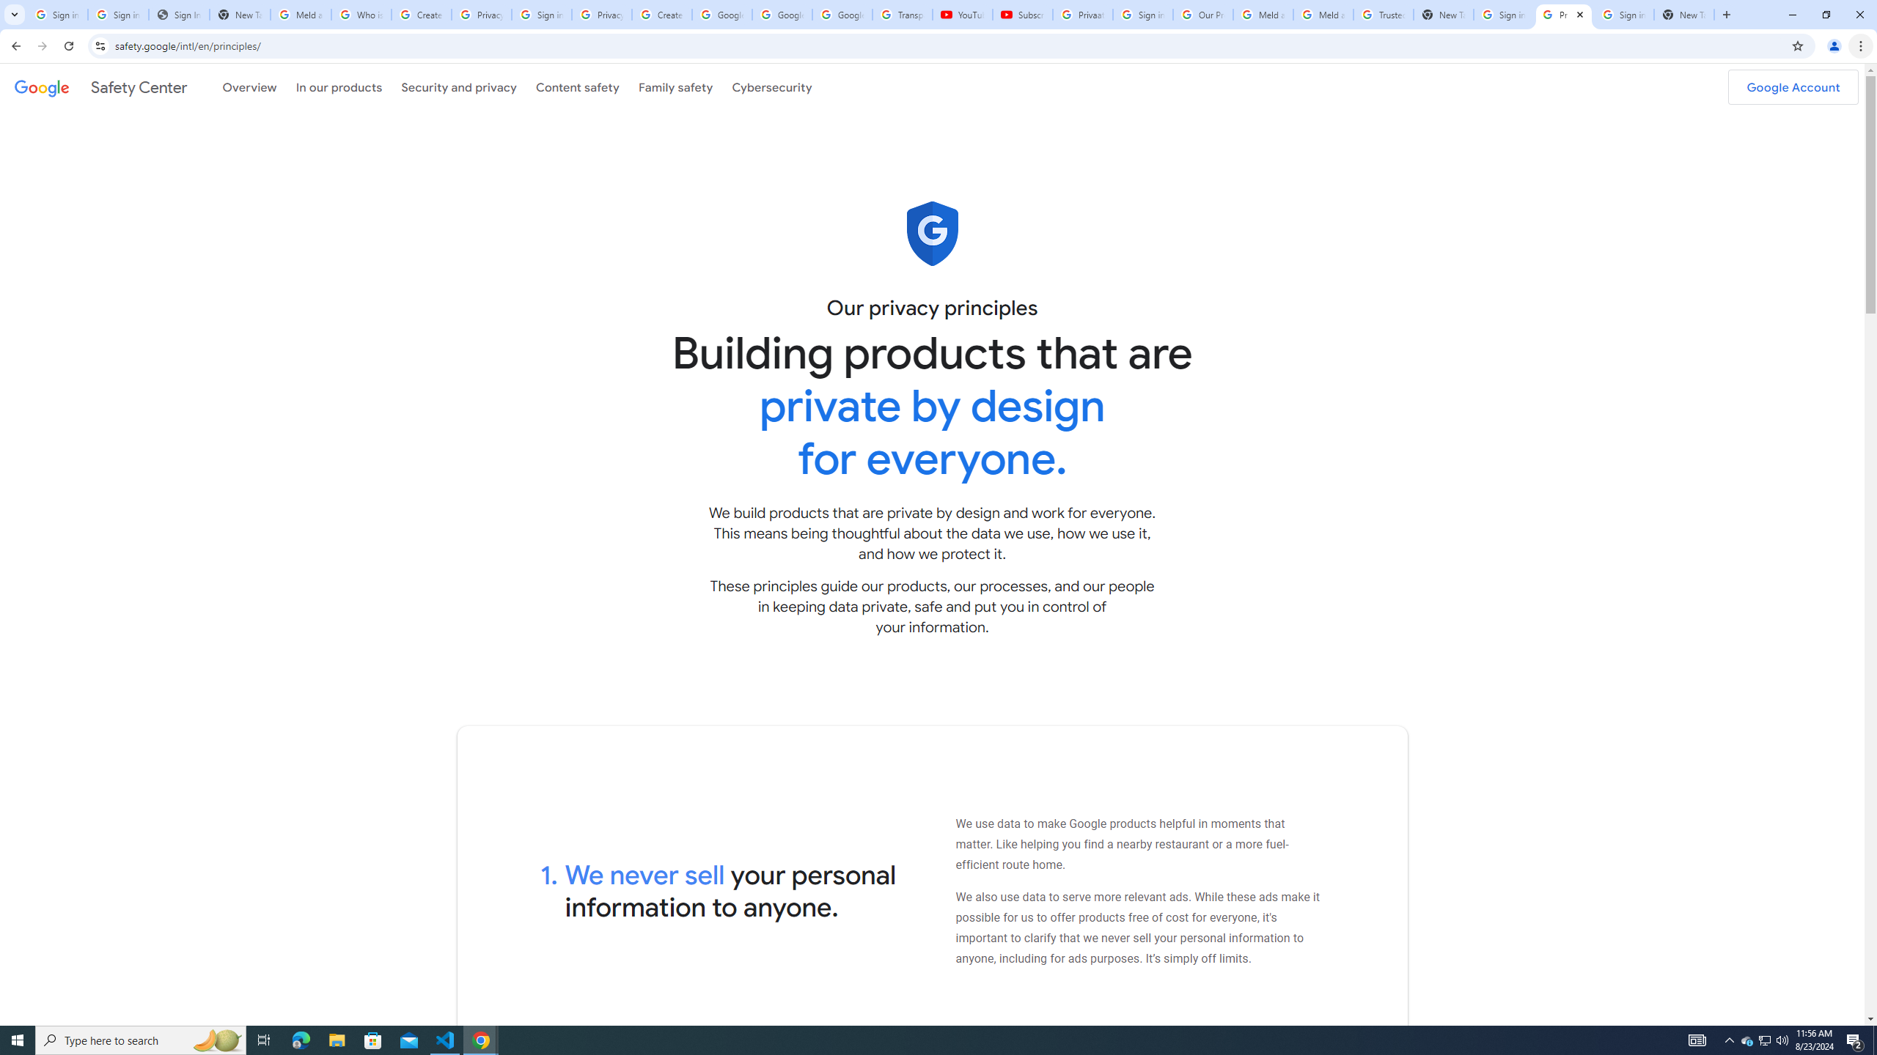 The width and height of the screenshot is (1877, 1055). I want to click on 'Google Account', so click(1793, 86).